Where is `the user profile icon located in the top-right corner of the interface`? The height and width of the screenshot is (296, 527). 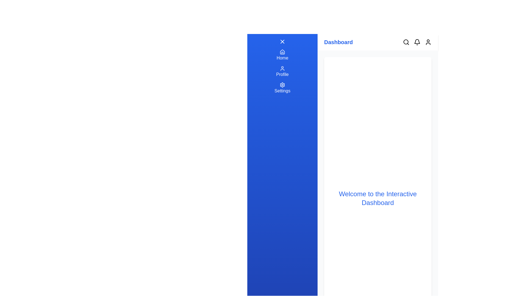
the user profile icon located in the top-right corner of the interface is located at coordinates (428, 42).